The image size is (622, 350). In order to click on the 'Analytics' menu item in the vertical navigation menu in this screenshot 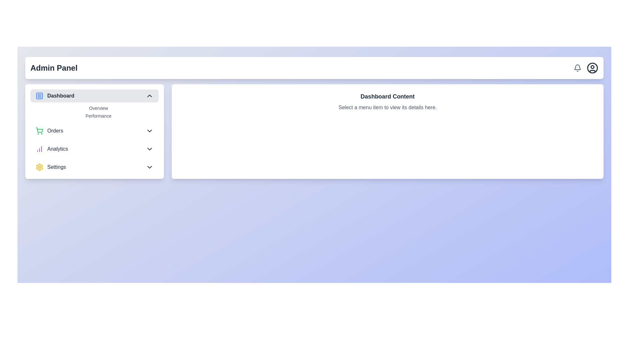, I will do `click(51, 149)`.